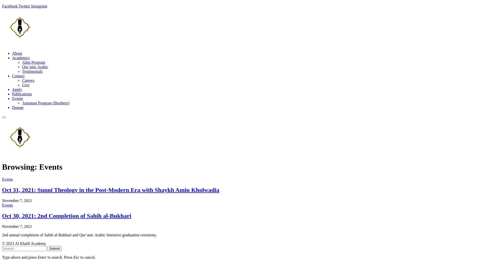 The width and height of the screenshot is (482, 271). What do you see at coordinates (39, 6) in the screenshot?
I see `'Instagram'` at bounding box center [39, 6].